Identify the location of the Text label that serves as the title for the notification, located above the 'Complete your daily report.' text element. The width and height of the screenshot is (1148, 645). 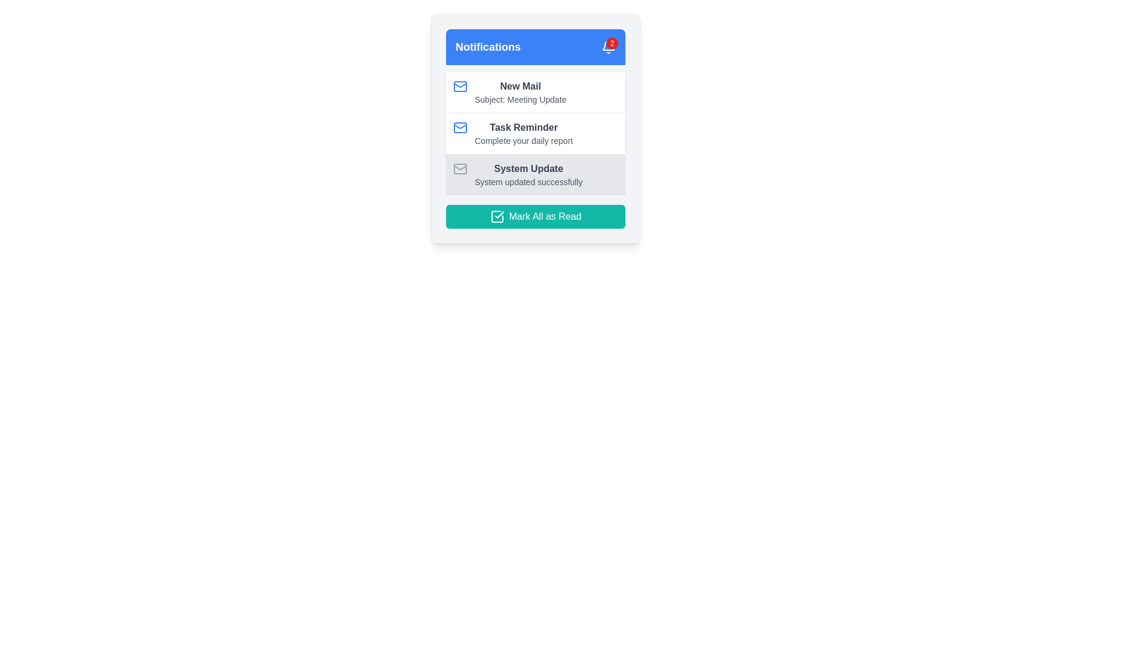
(524, 127).